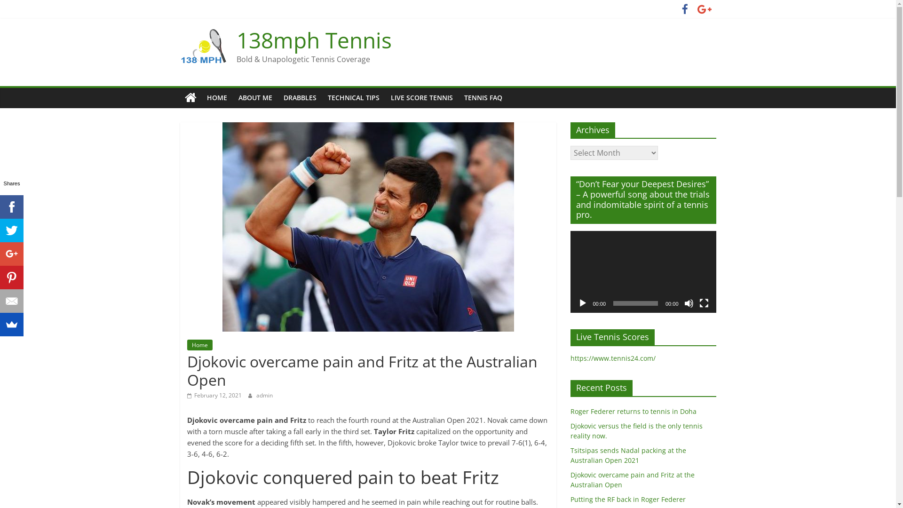  Describe the element at coordinates (627, 455) in the screenshot. I see `'Tsitsipas sends Nadal packing at the Australian Open 2021'` at that location.